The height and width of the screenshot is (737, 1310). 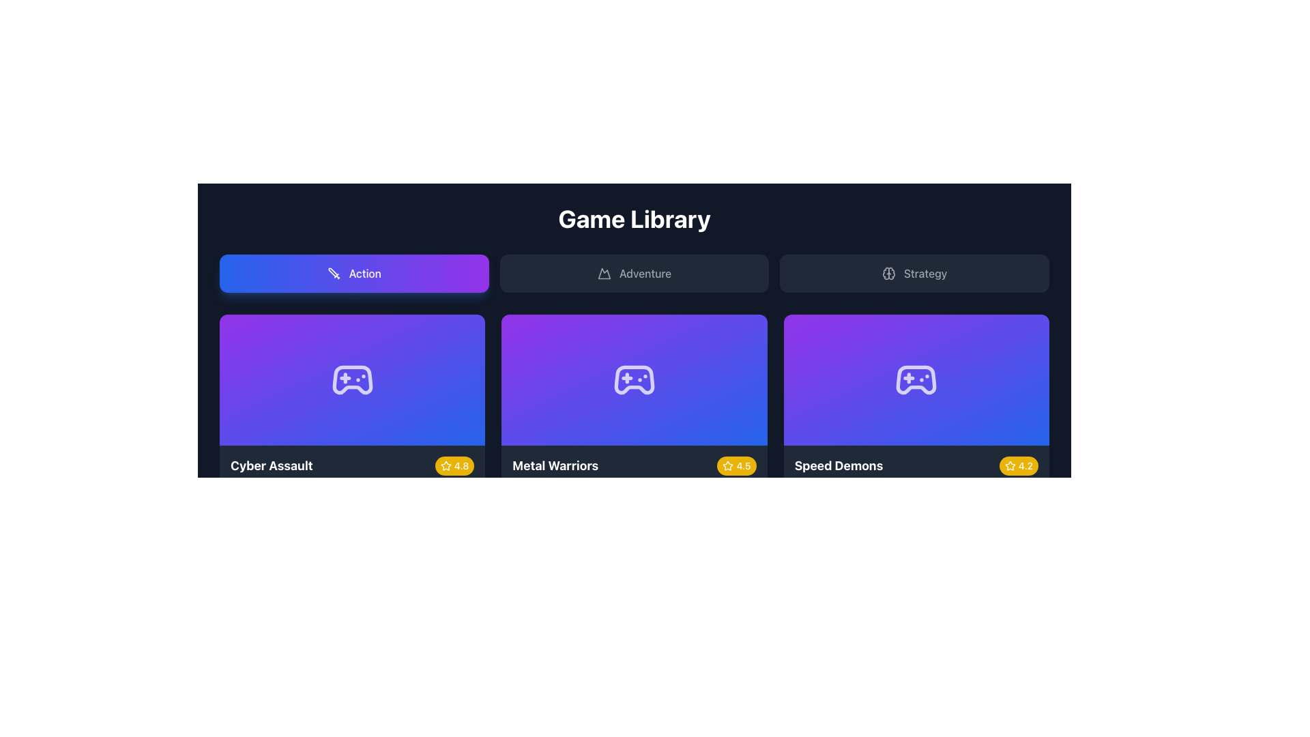 What do you see at coordinates (914, 274) in the screenshot?
I see `the 'Strategy' button, which is a rectangular button with a dark gray background and lighter gray text, featuring a brain-shaped icon to the left of the text. It is the third button in a group of three, positioned at the far right` at bounding box center [914, 274].